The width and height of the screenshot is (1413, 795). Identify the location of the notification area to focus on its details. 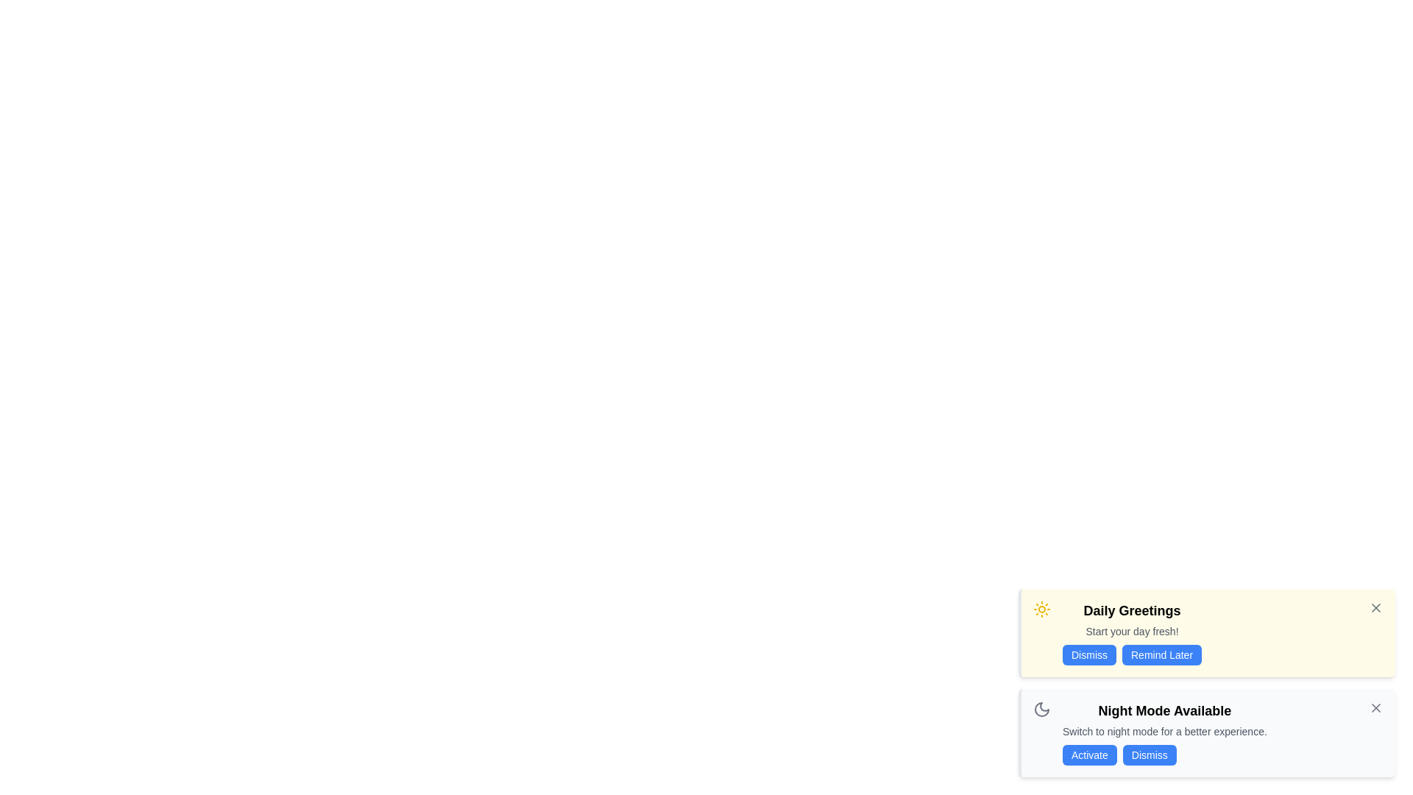
(1207, 632).